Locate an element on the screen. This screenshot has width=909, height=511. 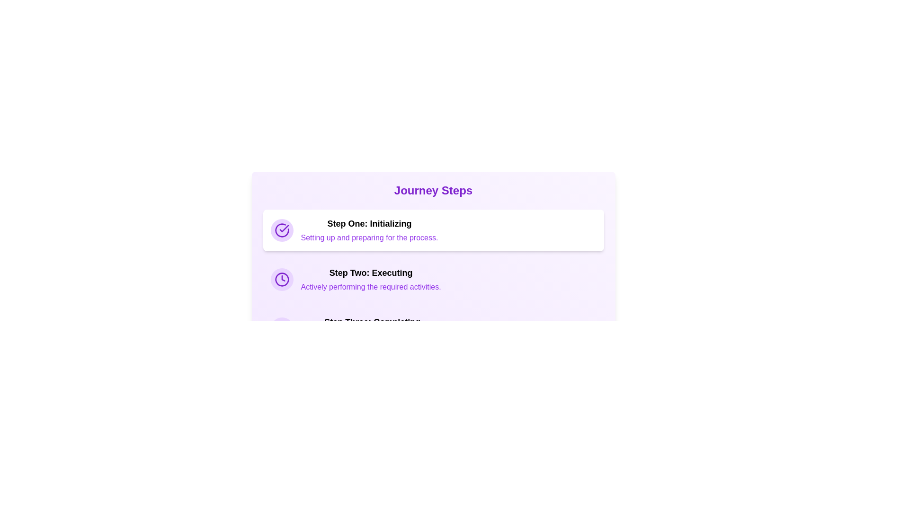
the purple checkmark icon located within the circular badge next to the text 'Step One: Initializing', which indicates a completed step is located at coordinates (284, 228).